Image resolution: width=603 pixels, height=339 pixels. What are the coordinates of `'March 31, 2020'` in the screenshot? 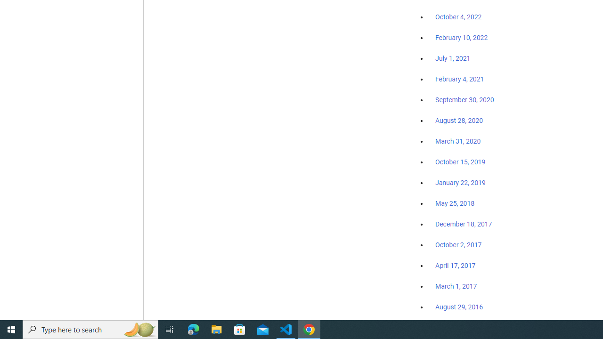 It's located at (458, 141).